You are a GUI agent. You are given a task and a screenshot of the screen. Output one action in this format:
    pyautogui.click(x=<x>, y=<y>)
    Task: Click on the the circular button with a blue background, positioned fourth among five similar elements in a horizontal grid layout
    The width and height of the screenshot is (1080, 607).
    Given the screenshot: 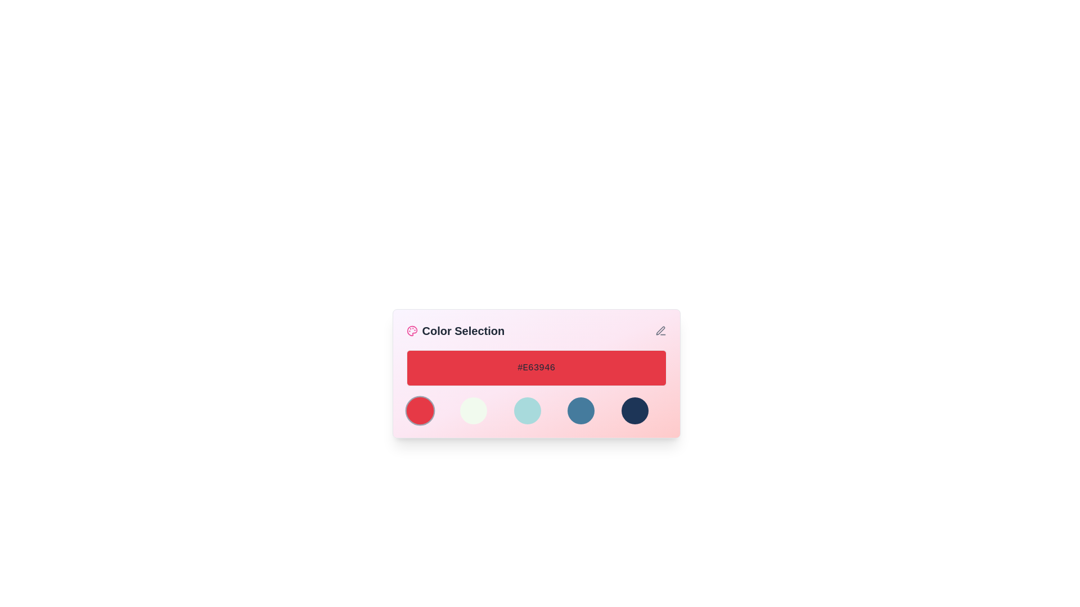 What is the action you would take?
    pyautogui.click(x=581, y=411)
    